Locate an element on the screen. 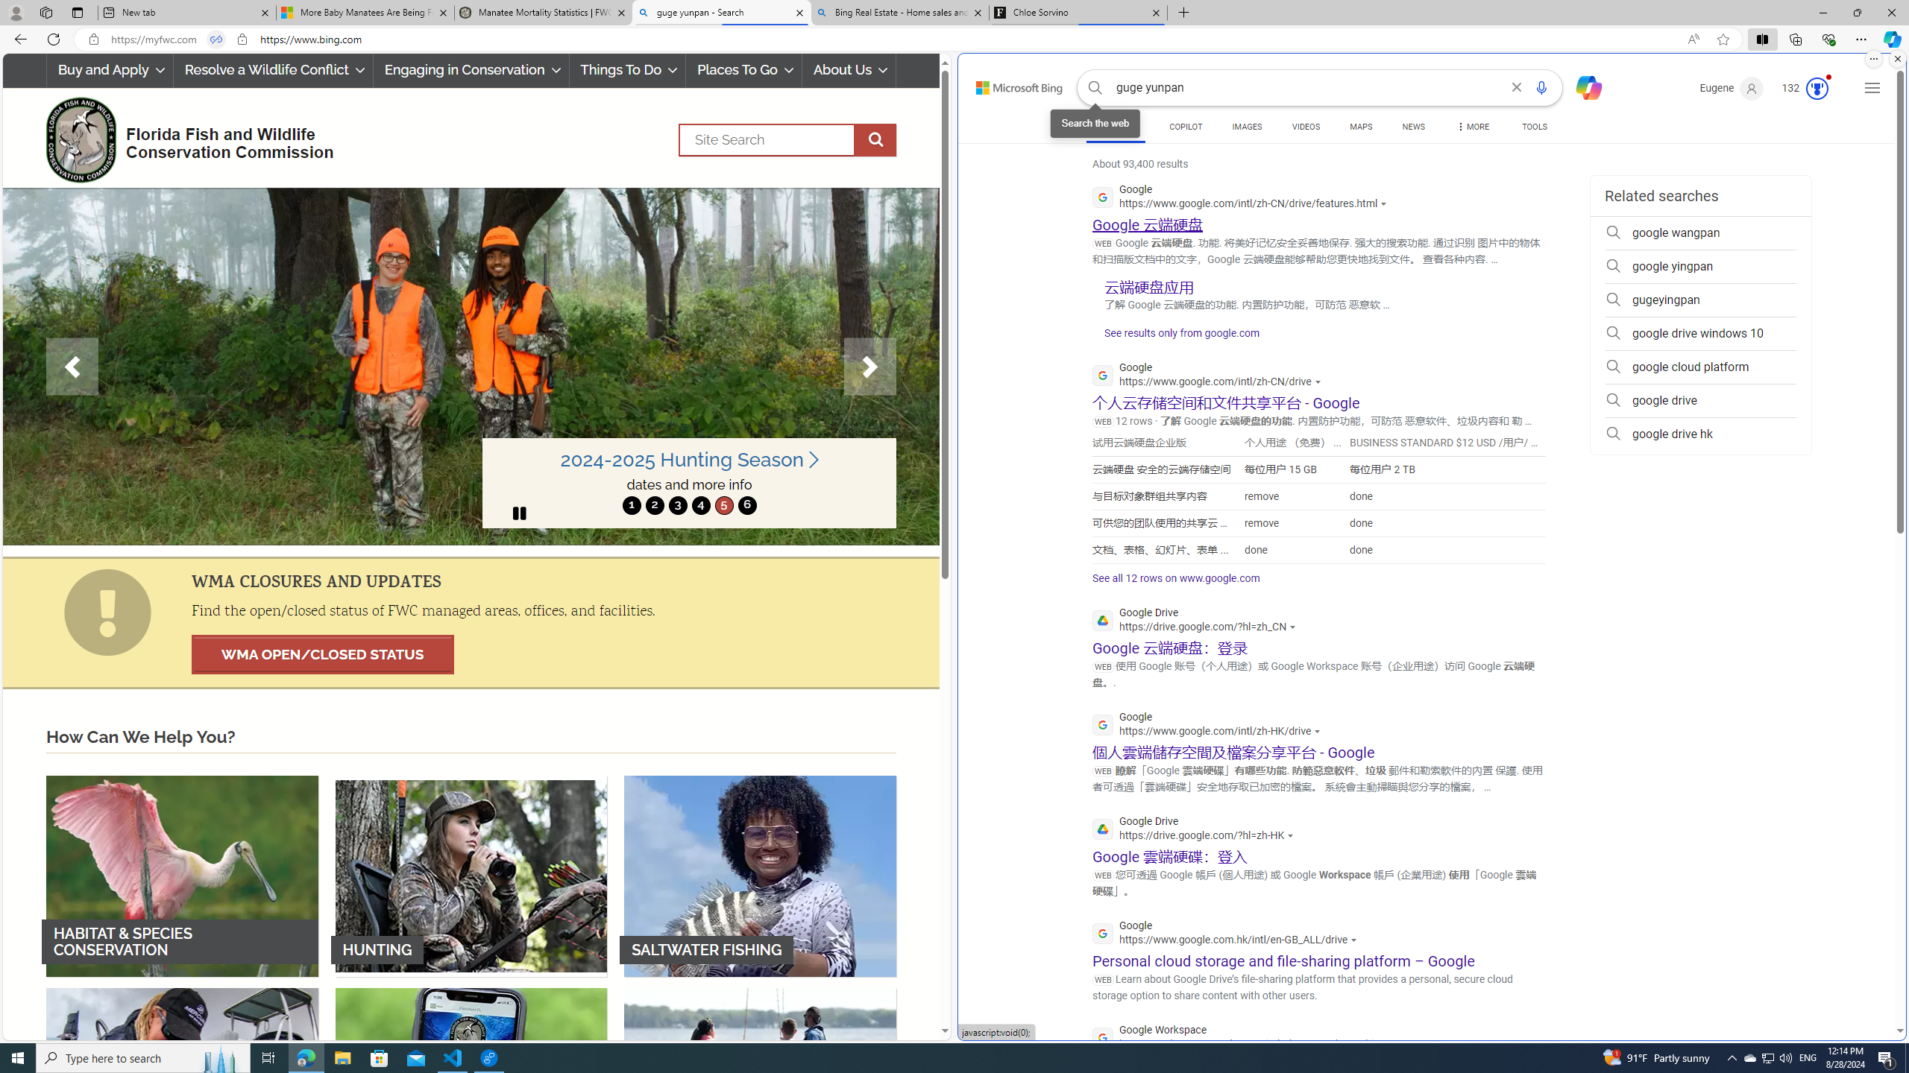 This screenshot has height=1073, width=1909. 'Google' is located at coordinates (1227, 934).